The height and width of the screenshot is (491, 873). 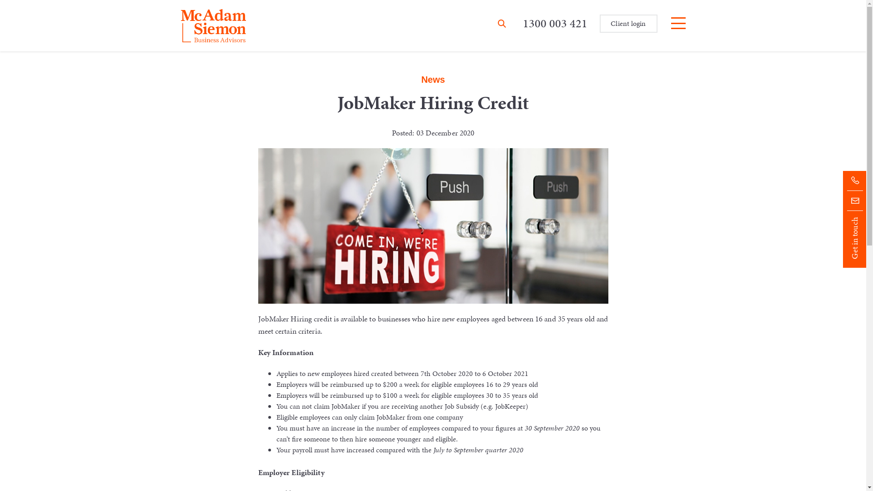 What do you see at coordinates (627, 23) in the screenshot?
I see `'Client login'` at bounding box center [627, 23].